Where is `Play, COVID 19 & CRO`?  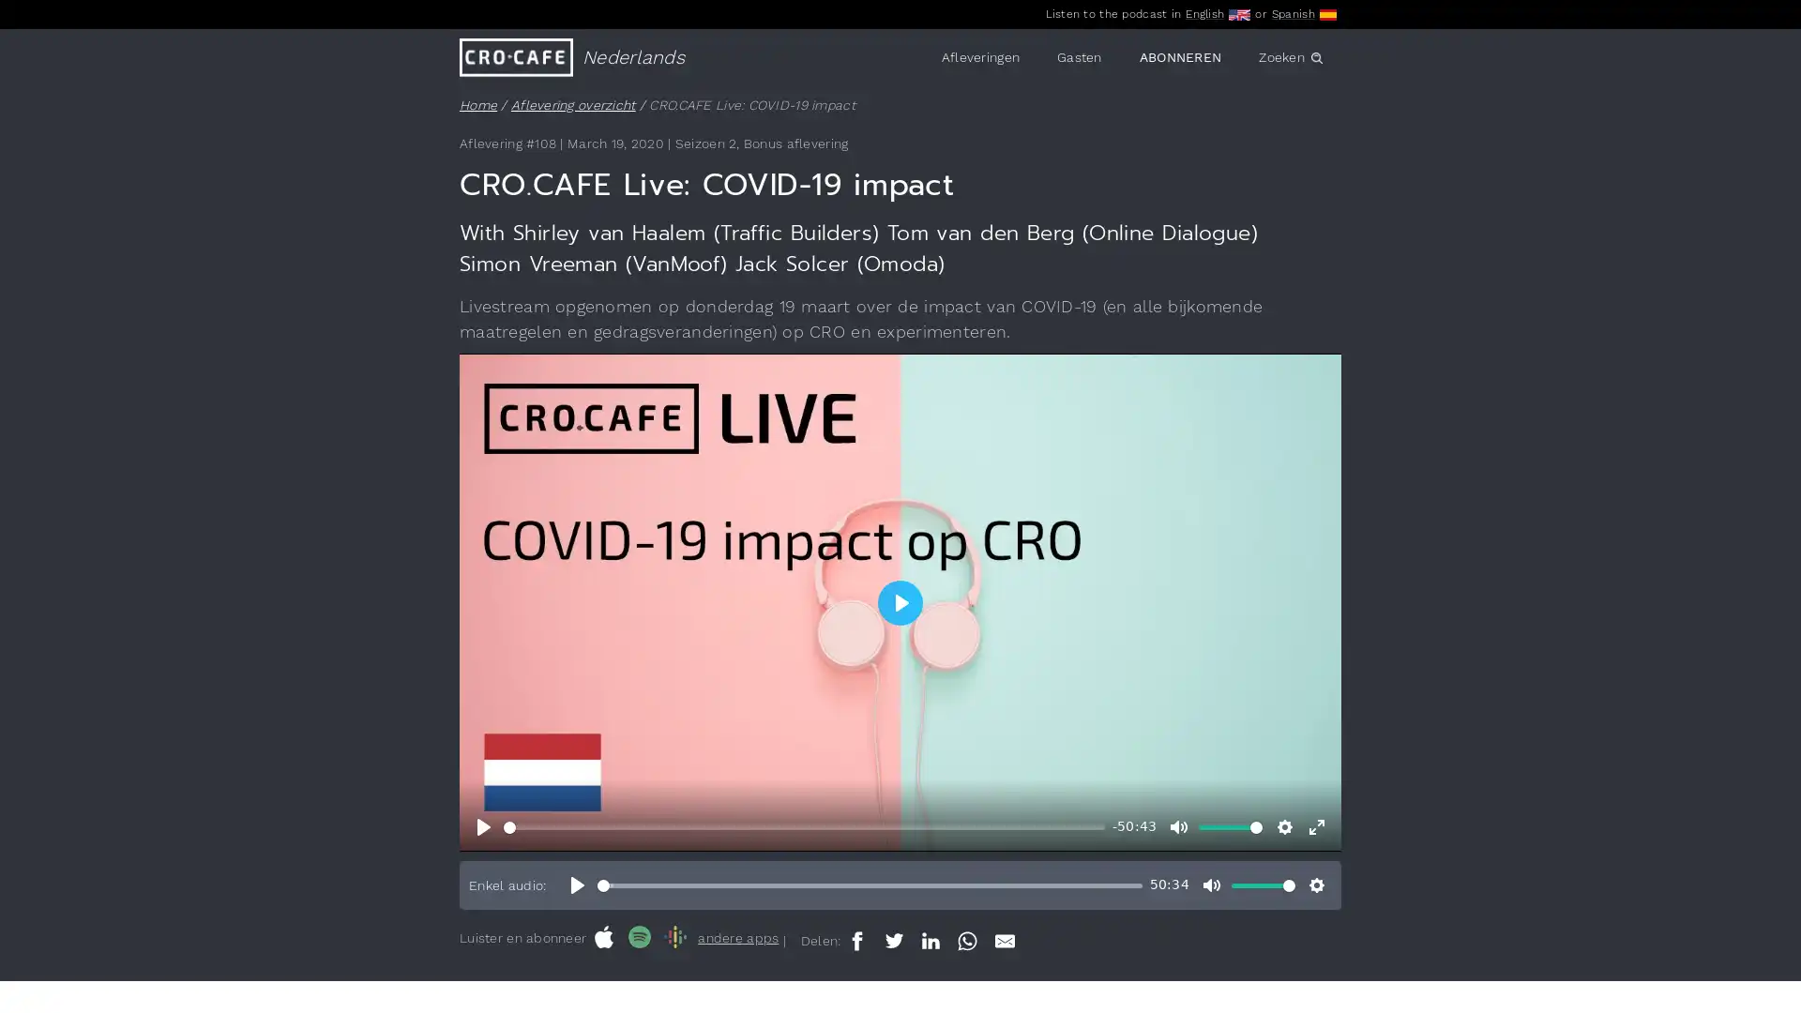 Play, COVID 19 & CRO is located at coordinates (900, 601).